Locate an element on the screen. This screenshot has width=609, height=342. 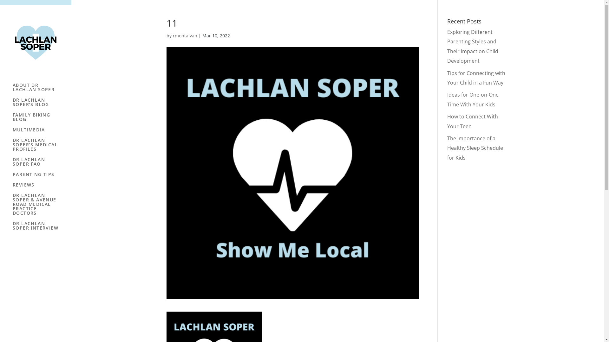
'REVIEWS' is located at coordinates (42, 187).